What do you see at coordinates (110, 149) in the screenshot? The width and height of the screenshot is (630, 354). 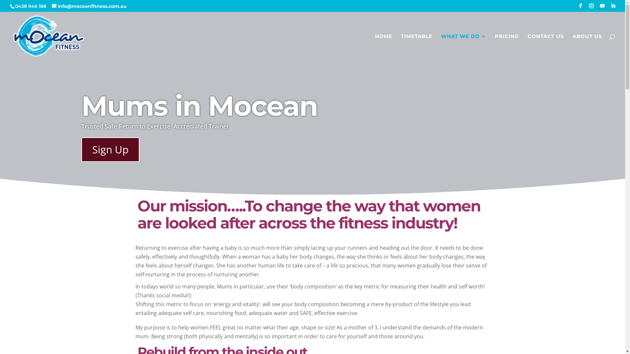 I see `'Sign Up'` at bounding box center [110, 149].